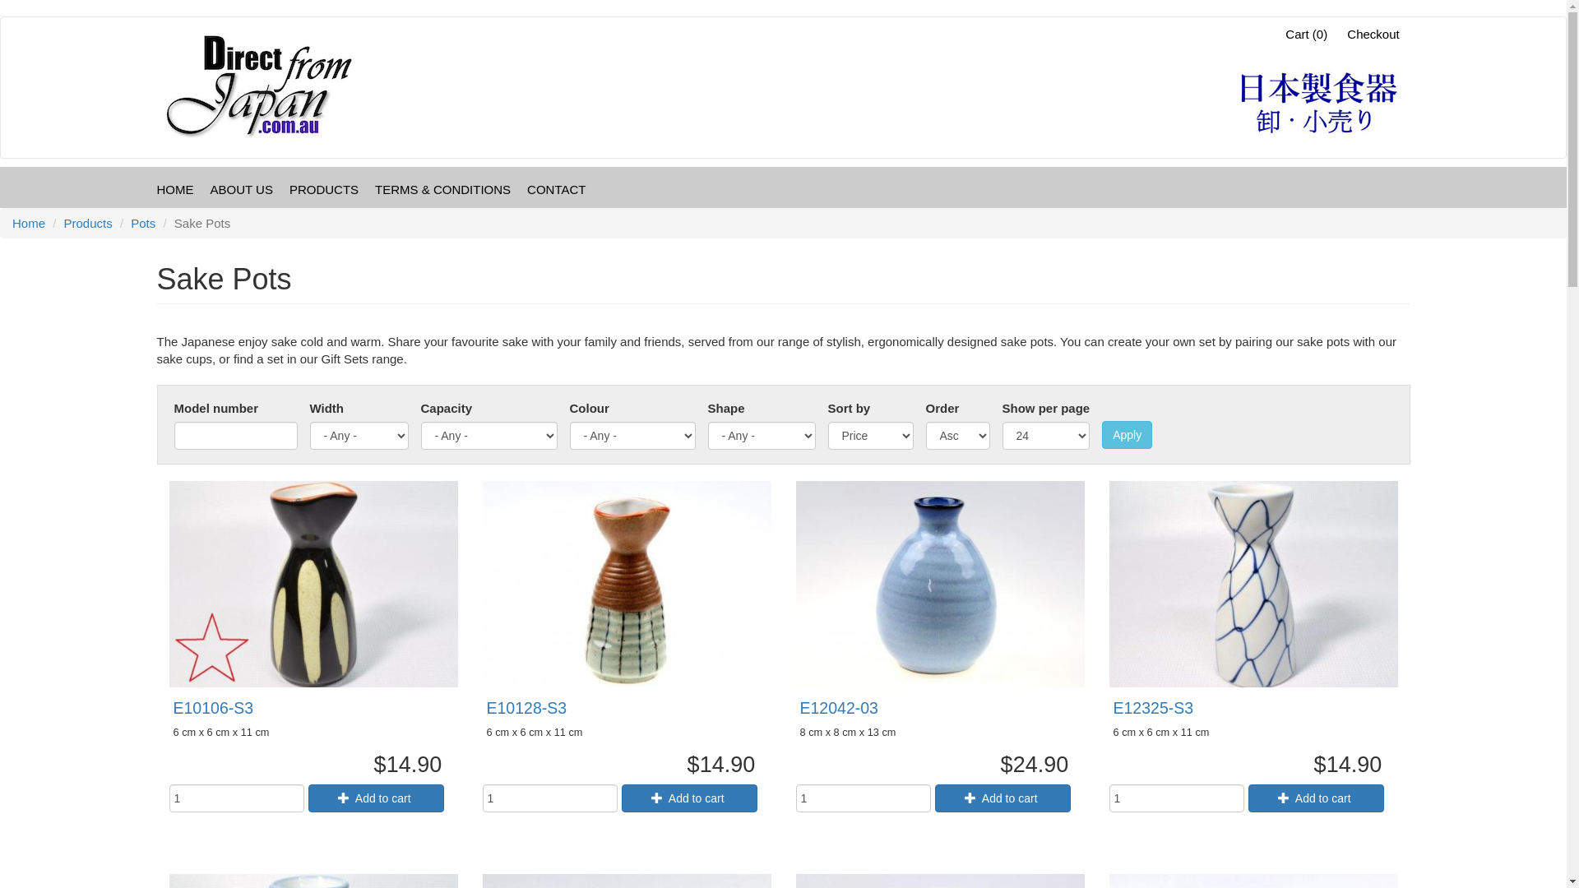 The height and width of the screenshot is (888, 1579). I want to click on 'Add to cart', so click(935, 798).